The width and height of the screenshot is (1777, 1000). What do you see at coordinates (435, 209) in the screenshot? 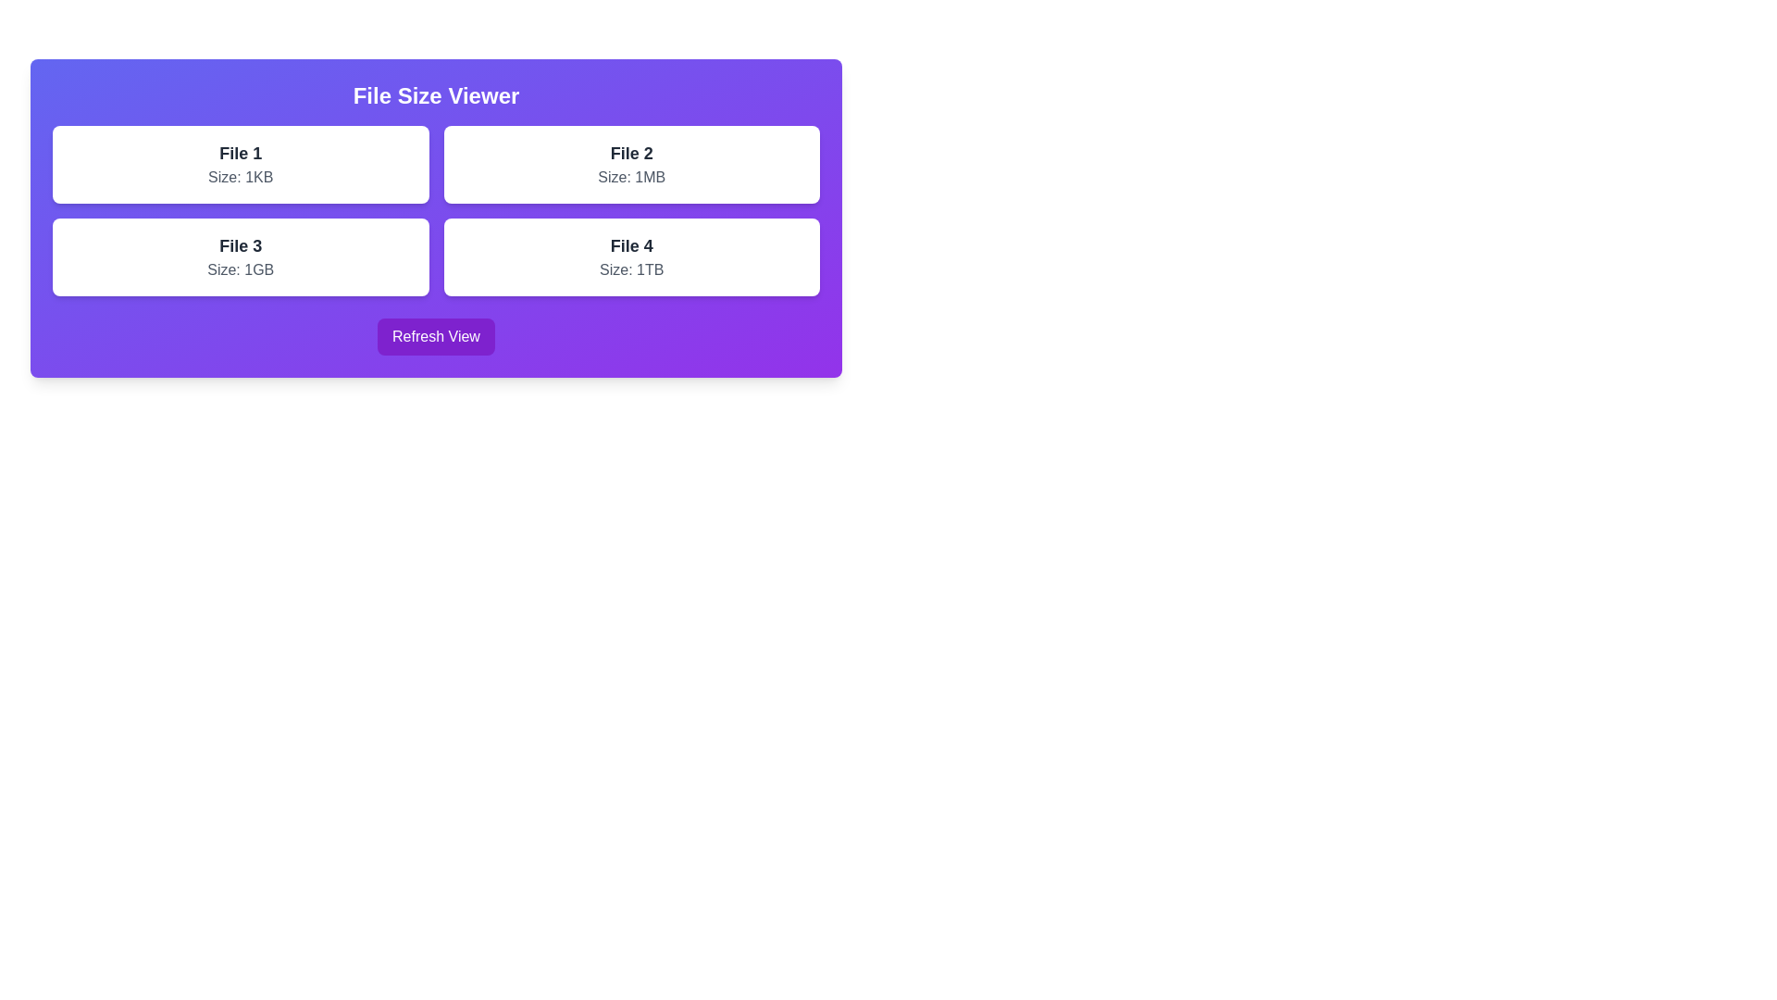
I see `the Grid layout containing informational cards` at bounding box center [435, 209].